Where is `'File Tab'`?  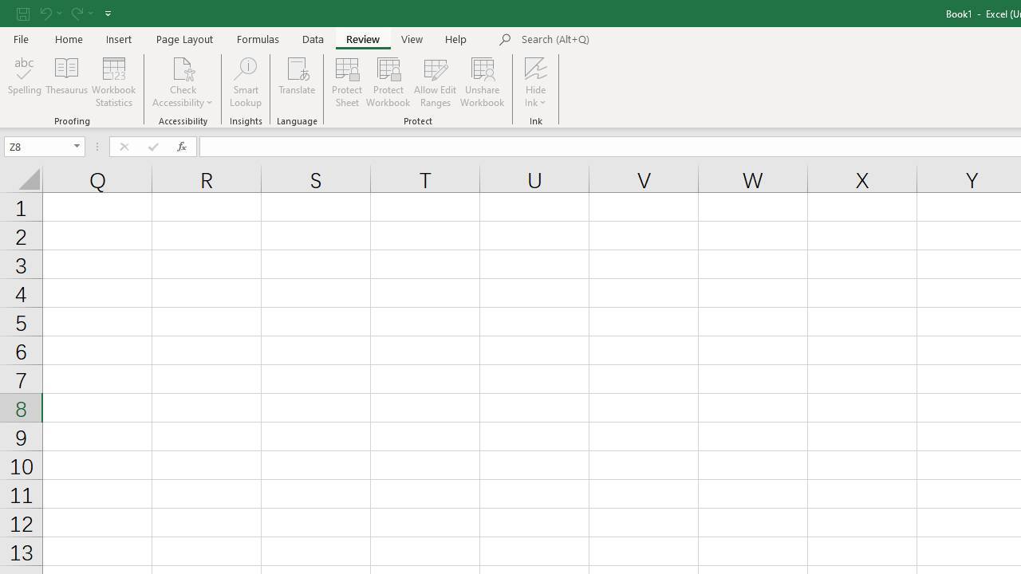 'File Tab' is located at coordinates (21, 37).